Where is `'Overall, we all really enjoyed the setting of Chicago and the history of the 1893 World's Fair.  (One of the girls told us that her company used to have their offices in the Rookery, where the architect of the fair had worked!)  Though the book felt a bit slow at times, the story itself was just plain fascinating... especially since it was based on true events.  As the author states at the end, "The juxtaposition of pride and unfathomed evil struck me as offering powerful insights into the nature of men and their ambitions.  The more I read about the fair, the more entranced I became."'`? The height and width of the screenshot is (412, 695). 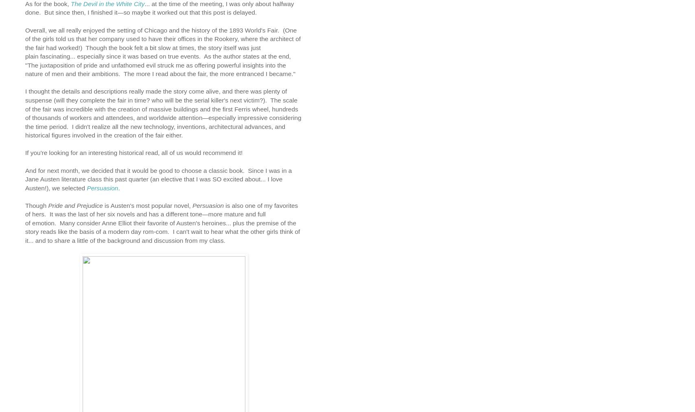 'Overall, we all really enjoyed the setting of Chicago and the history of the 1893 World's Fair.  (One of the girls told us that her company used to have their offices in the Rookery, where the architect of the fair had worked!)  Though the book felt a bit slow at times, the story itself was just plain fascinating... especially since it was based on true events.  As the author states at the end, "The juxtaposition of pride and unfathomed evil struck me as offering powerful insights into the nature of men and their ambitions.  The more I read about the fair, the more entranced I became."' is located at coordinates (163, 52).